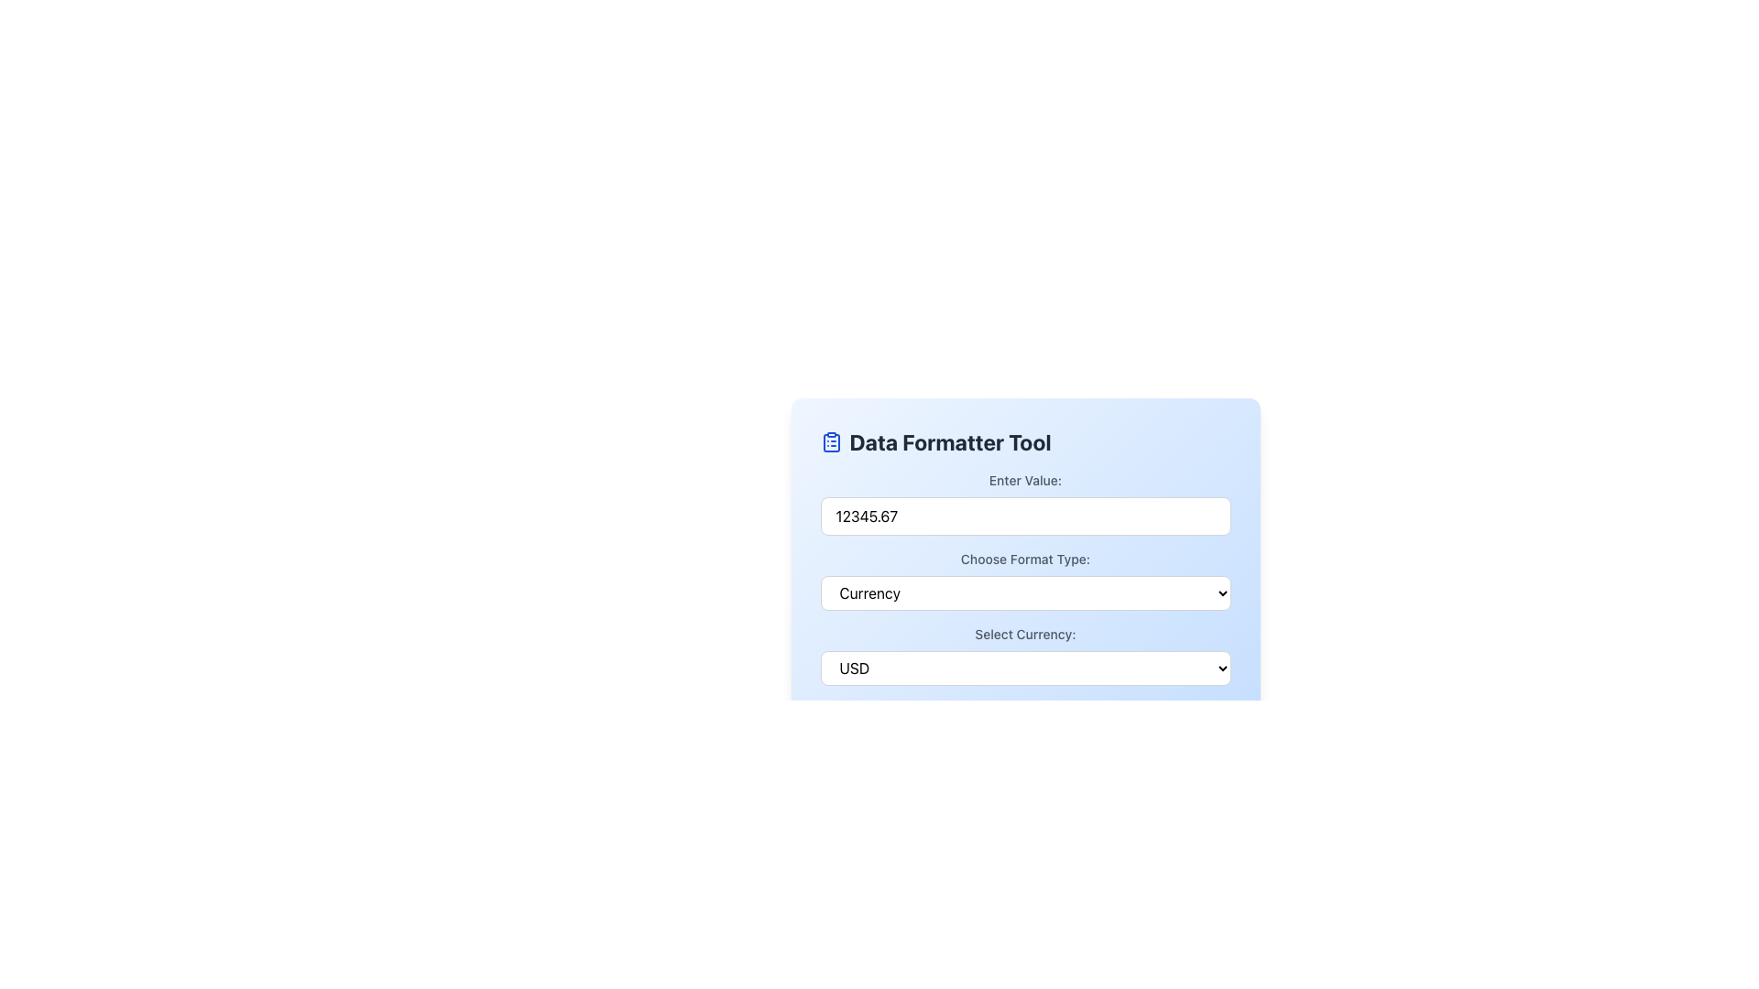 The image size is (1759, 989). I want to click on the Numeric Input Field that accepts numeric input, currently displaying '12345.67', to focus on it, so click(1024, 516).